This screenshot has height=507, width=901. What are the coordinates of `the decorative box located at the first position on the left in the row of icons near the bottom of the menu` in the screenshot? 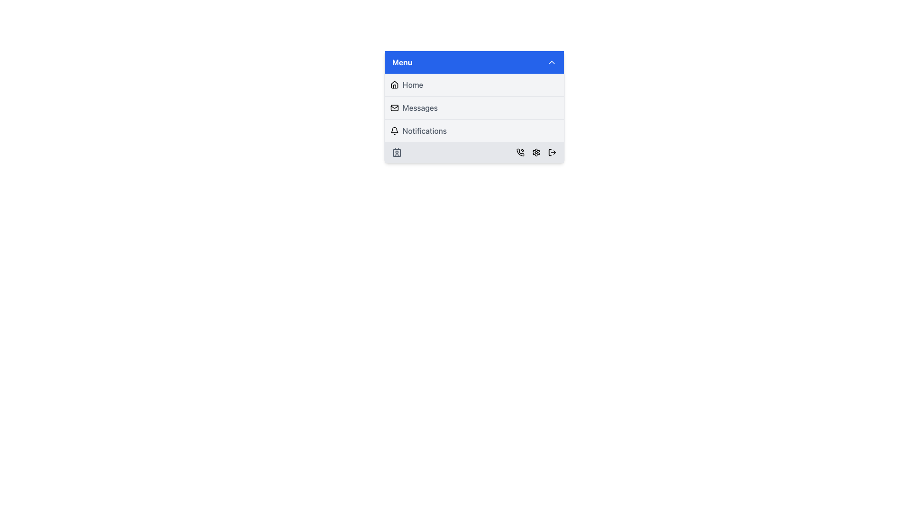 It's located at (397, 152).